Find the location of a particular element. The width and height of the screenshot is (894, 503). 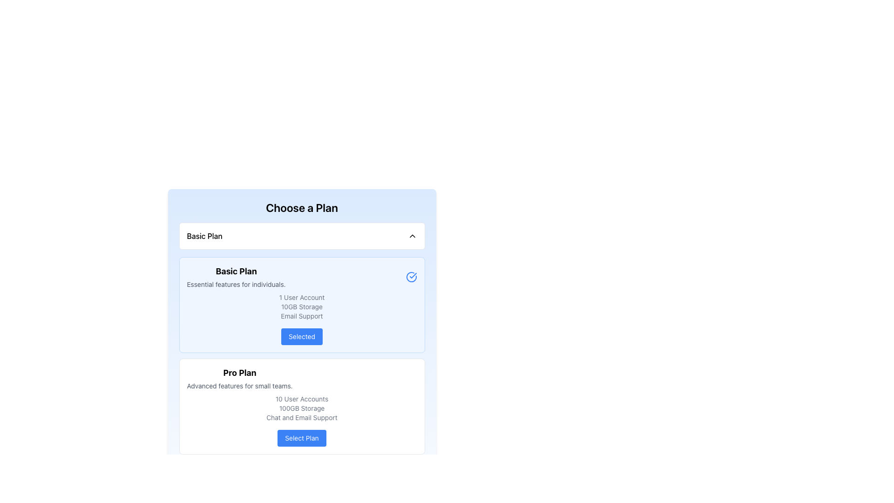

the 'Selected' button with a bright blue background located at the bottom of the 'Basic Plan' card to confirm is located at coordinates (302, 336).